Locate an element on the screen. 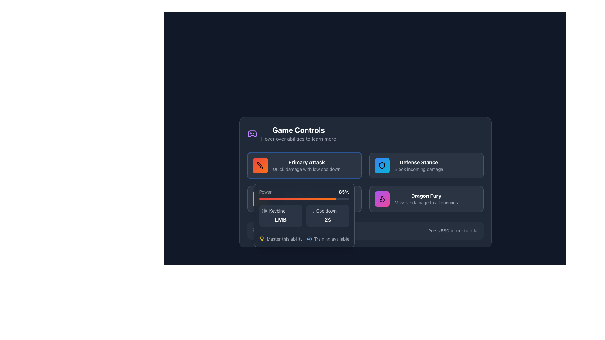 The height and width of the screenshot is (340, 605). the thin horizontal progress bar styled with a gradient fill transitioning from red to orange, located below the 'Power' and '85%' labels is located at coordinates (304, 199).